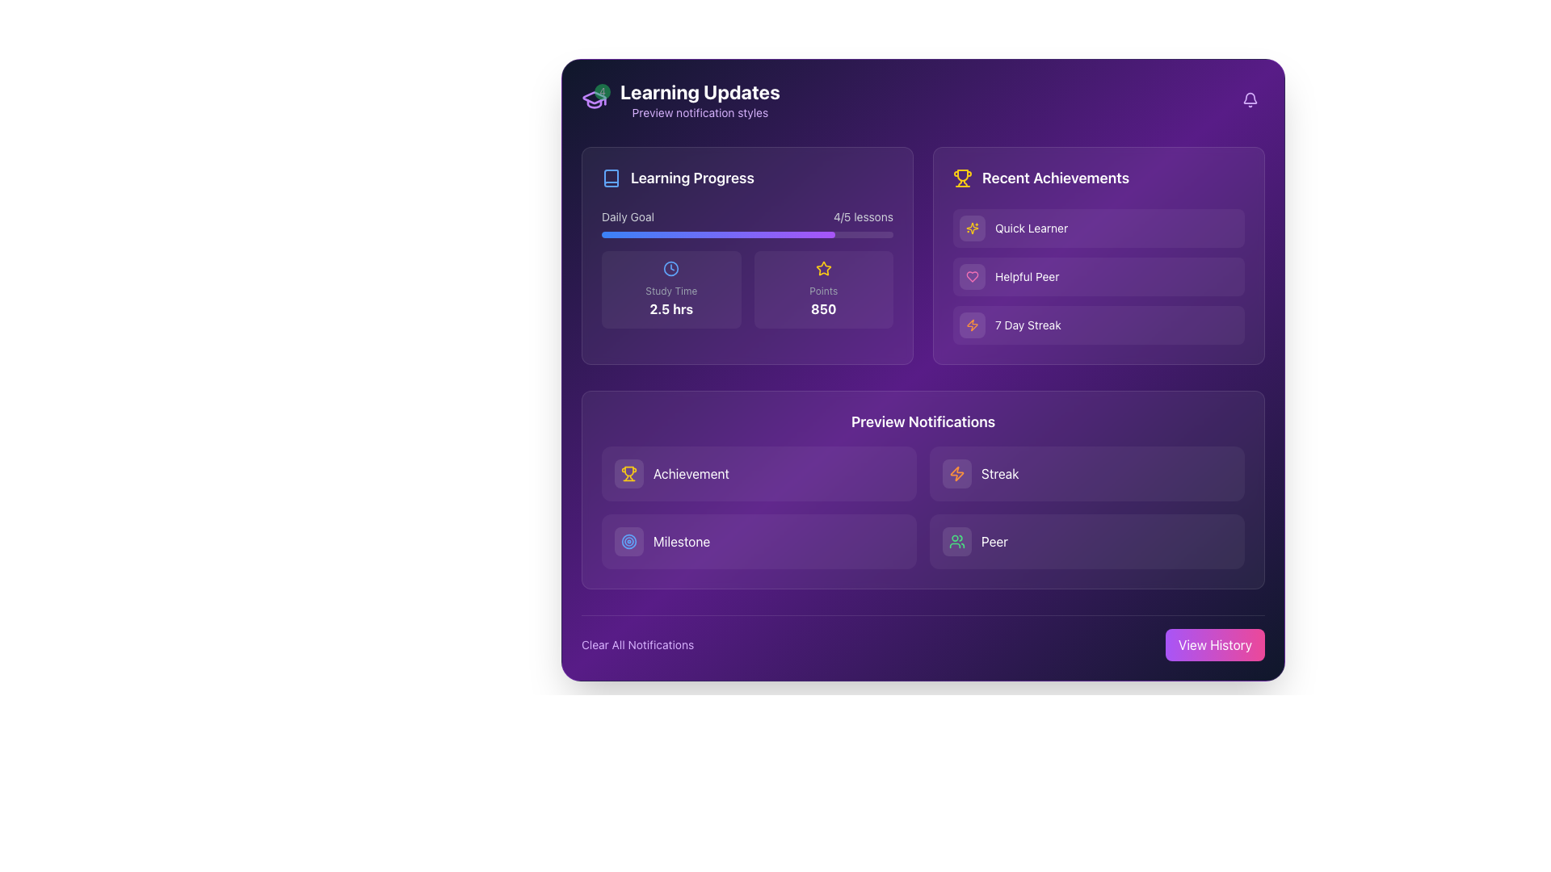 Image resolution: width=1551 pixels, height=872 pixels. I want to click on the bell-shaped icon outlined in purple at the top-right corner of the interface, so click(1250, 99).